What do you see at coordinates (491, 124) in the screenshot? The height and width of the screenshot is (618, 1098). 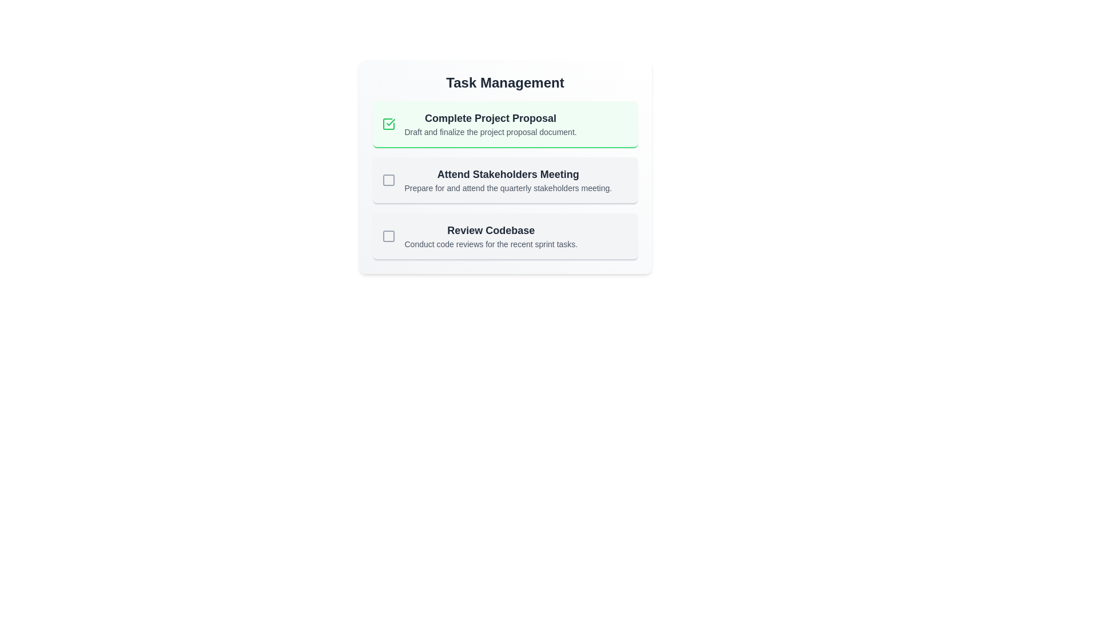 I see `the surrounding card of the first task in the task management section that displays the title and description, bordered by a light green background` at bounding box center [491, 124].